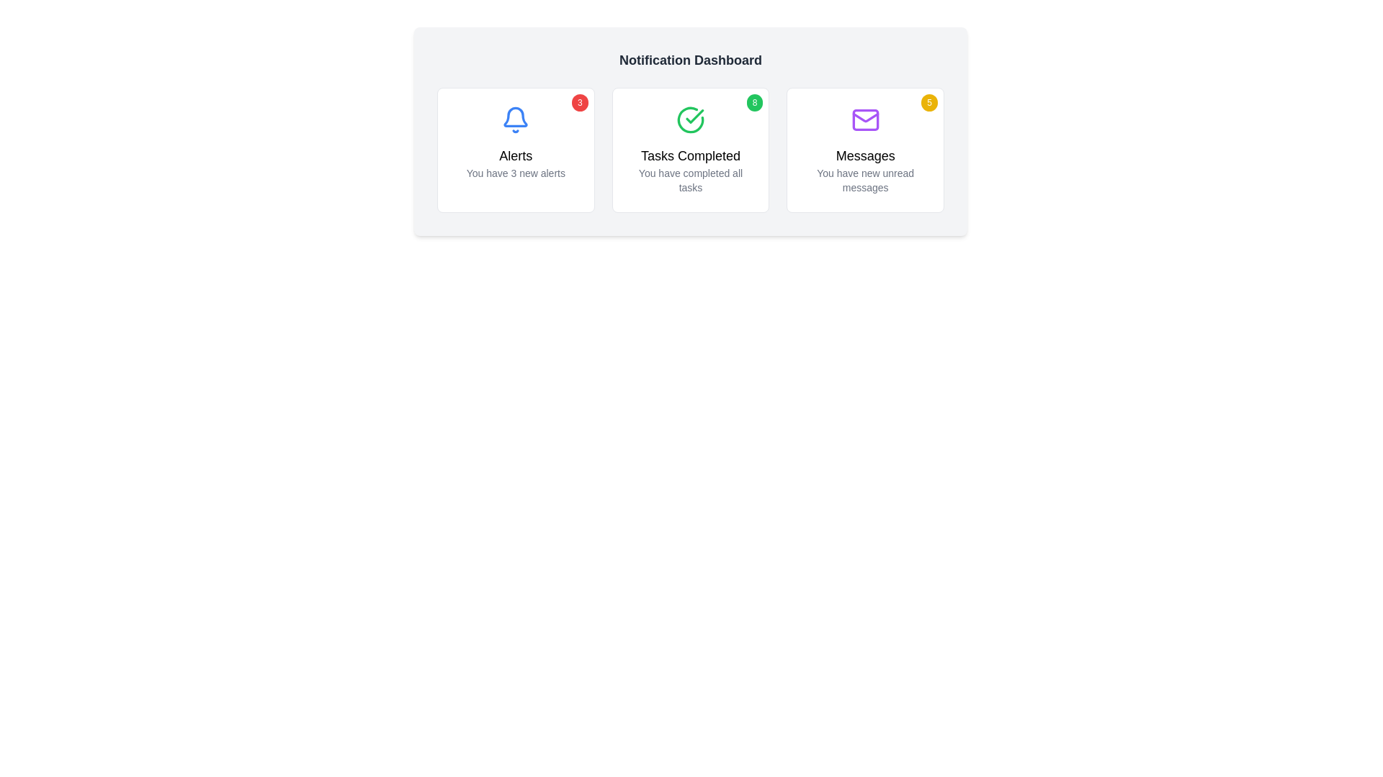 The width and height of the screenshot is (1383, 777). Describe the element at coordinates (753, 101) in the screenshot. I see `the Badge or Status Indicator located at the top-right corner of the 'Tasks Completed' card within the 'Notification Dashboard'` at that location.